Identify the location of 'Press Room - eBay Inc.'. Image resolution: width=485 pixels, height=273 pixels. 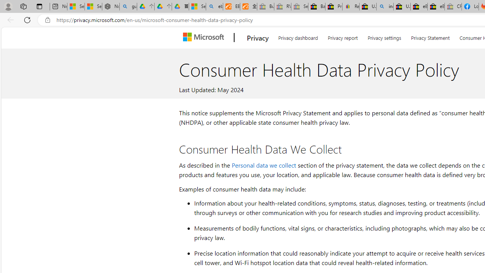
(333, 6).